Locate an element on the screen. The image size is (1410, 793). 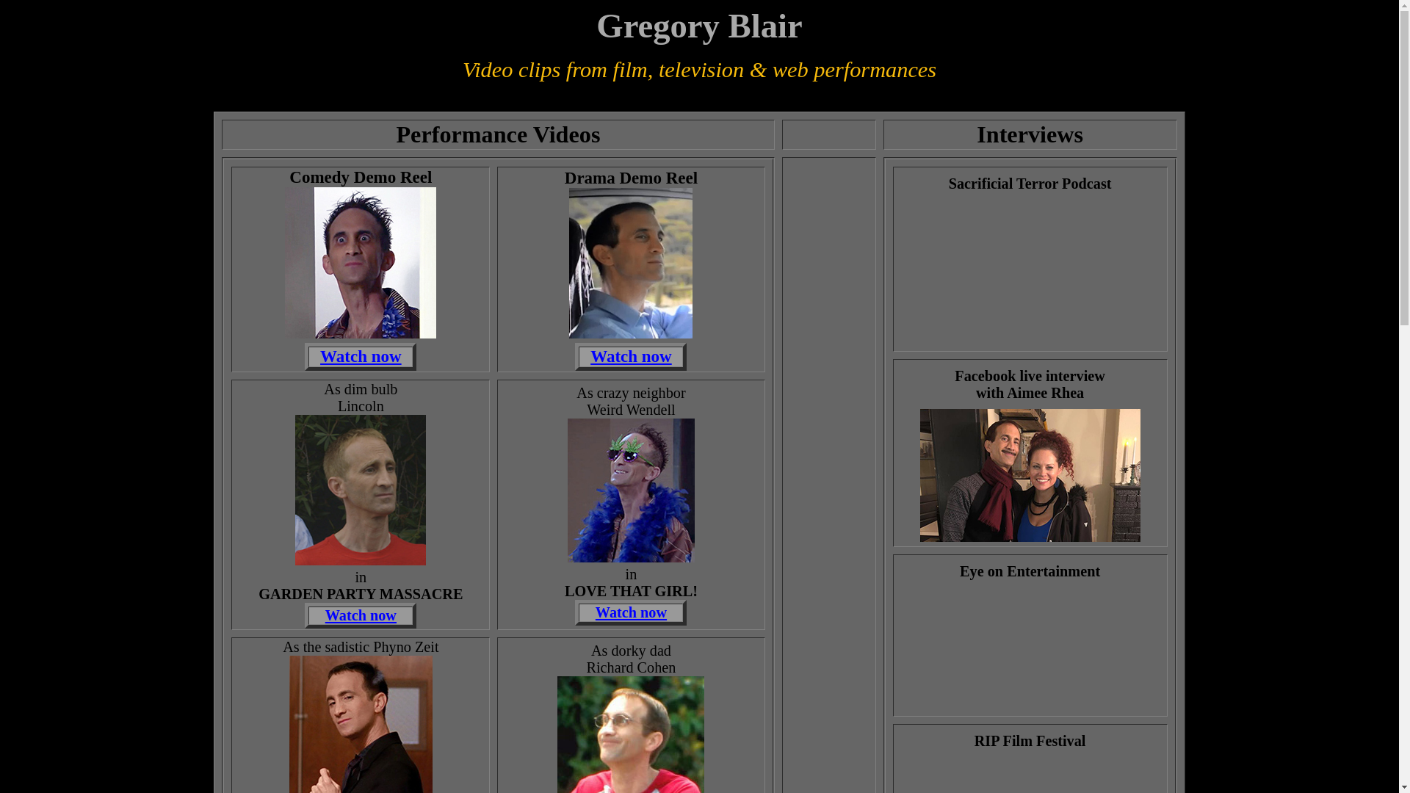
'Watch now' is located at coordinates (631, 612).